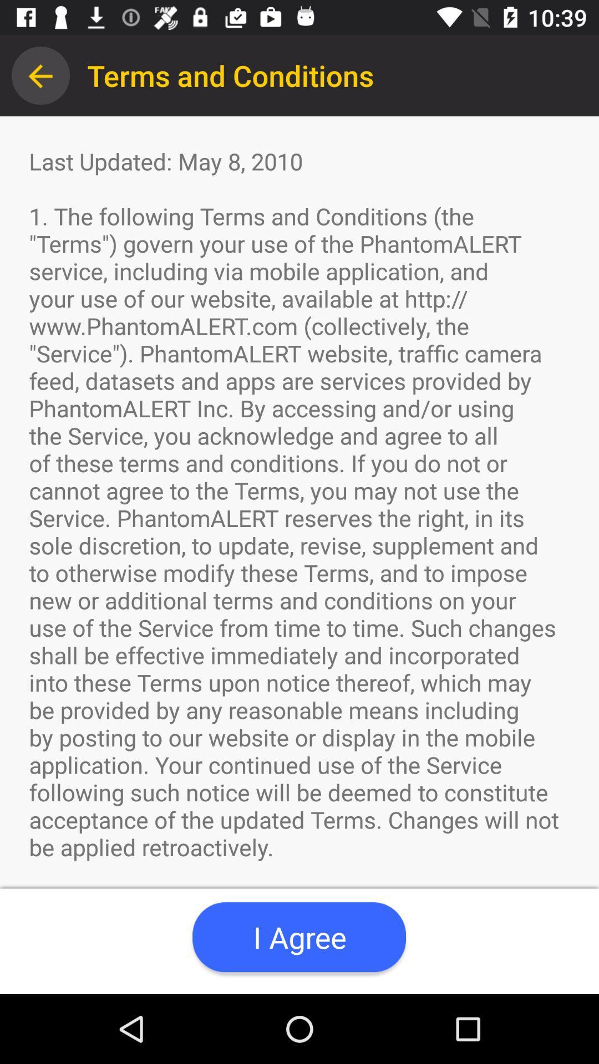 This screenshot has height=1064, width=599. I want to click on item to the left of the terms and conditions app, so click(40, 75).